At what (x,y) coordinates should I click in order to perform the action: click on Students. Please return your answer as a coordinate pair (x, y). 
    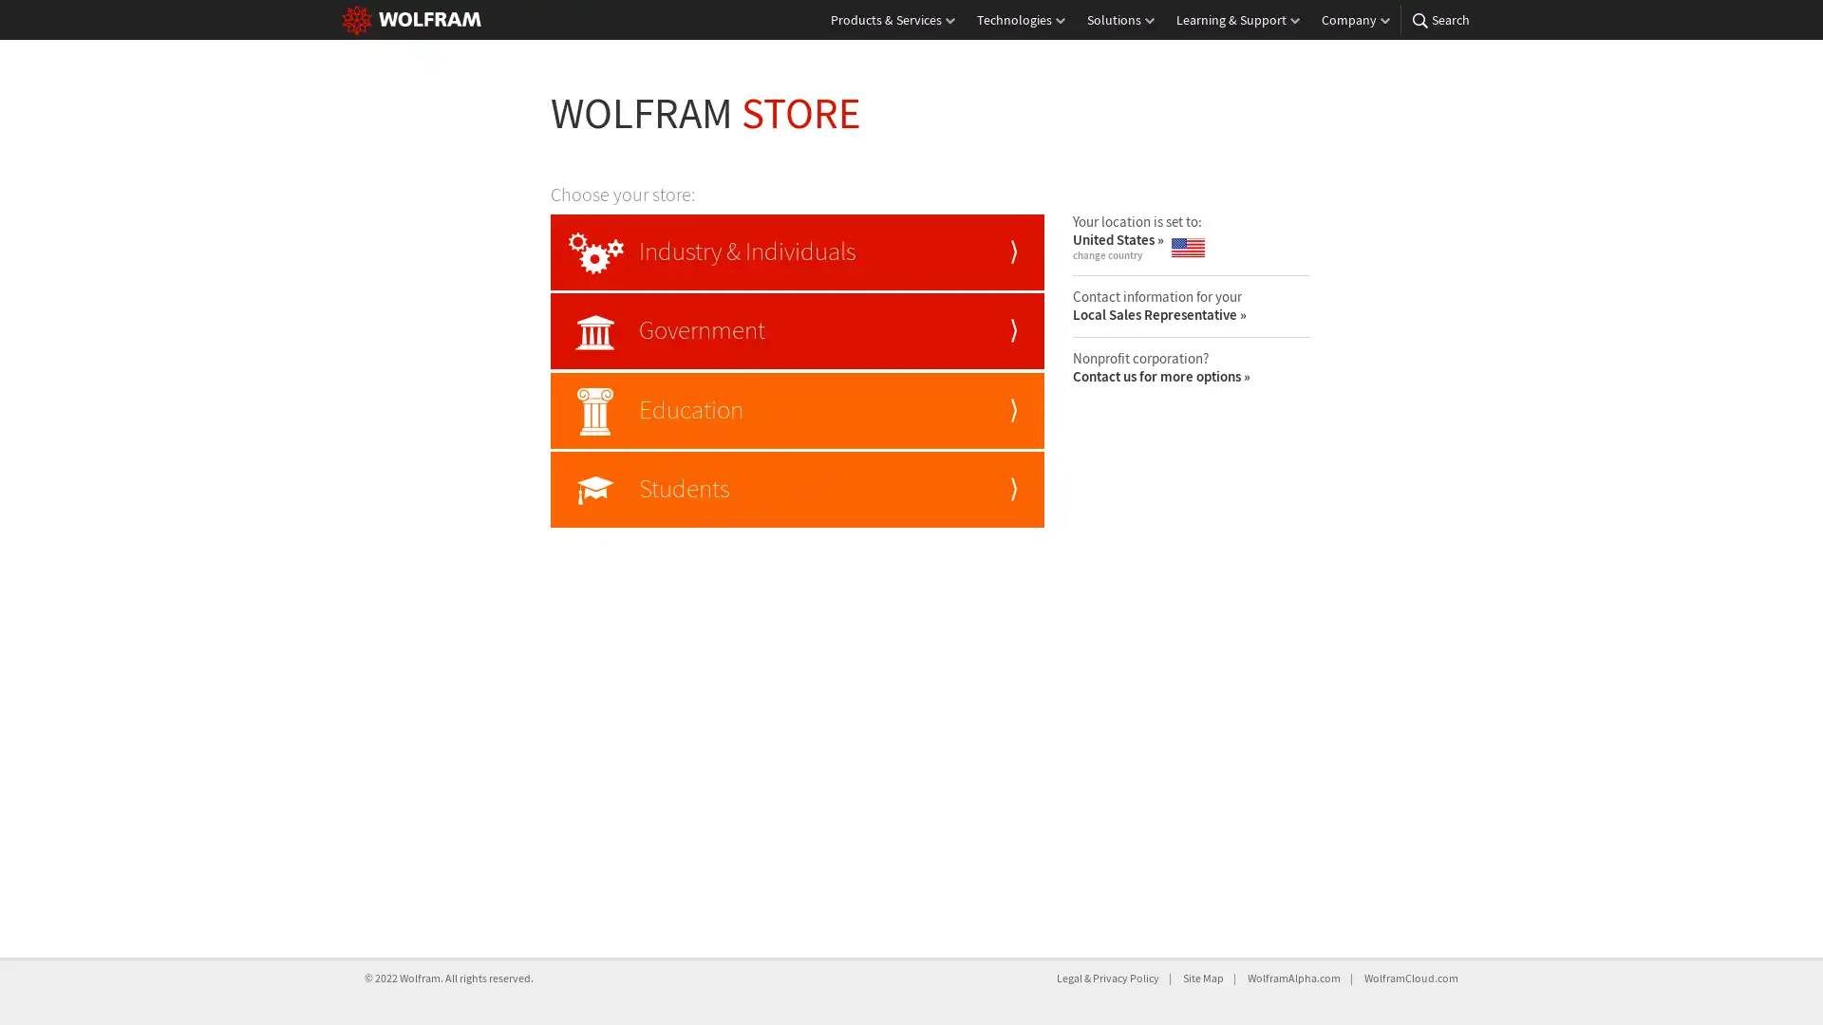
    Looking at the image, I should click on (798, 489).